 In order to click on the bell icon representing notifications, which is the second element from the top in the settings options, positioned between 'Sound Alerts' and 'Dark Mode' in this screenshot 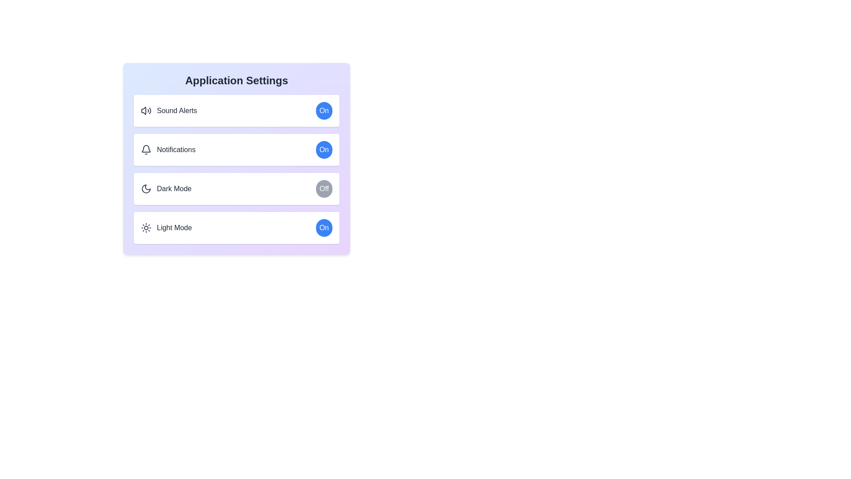, I will do `click(146, 148)`.